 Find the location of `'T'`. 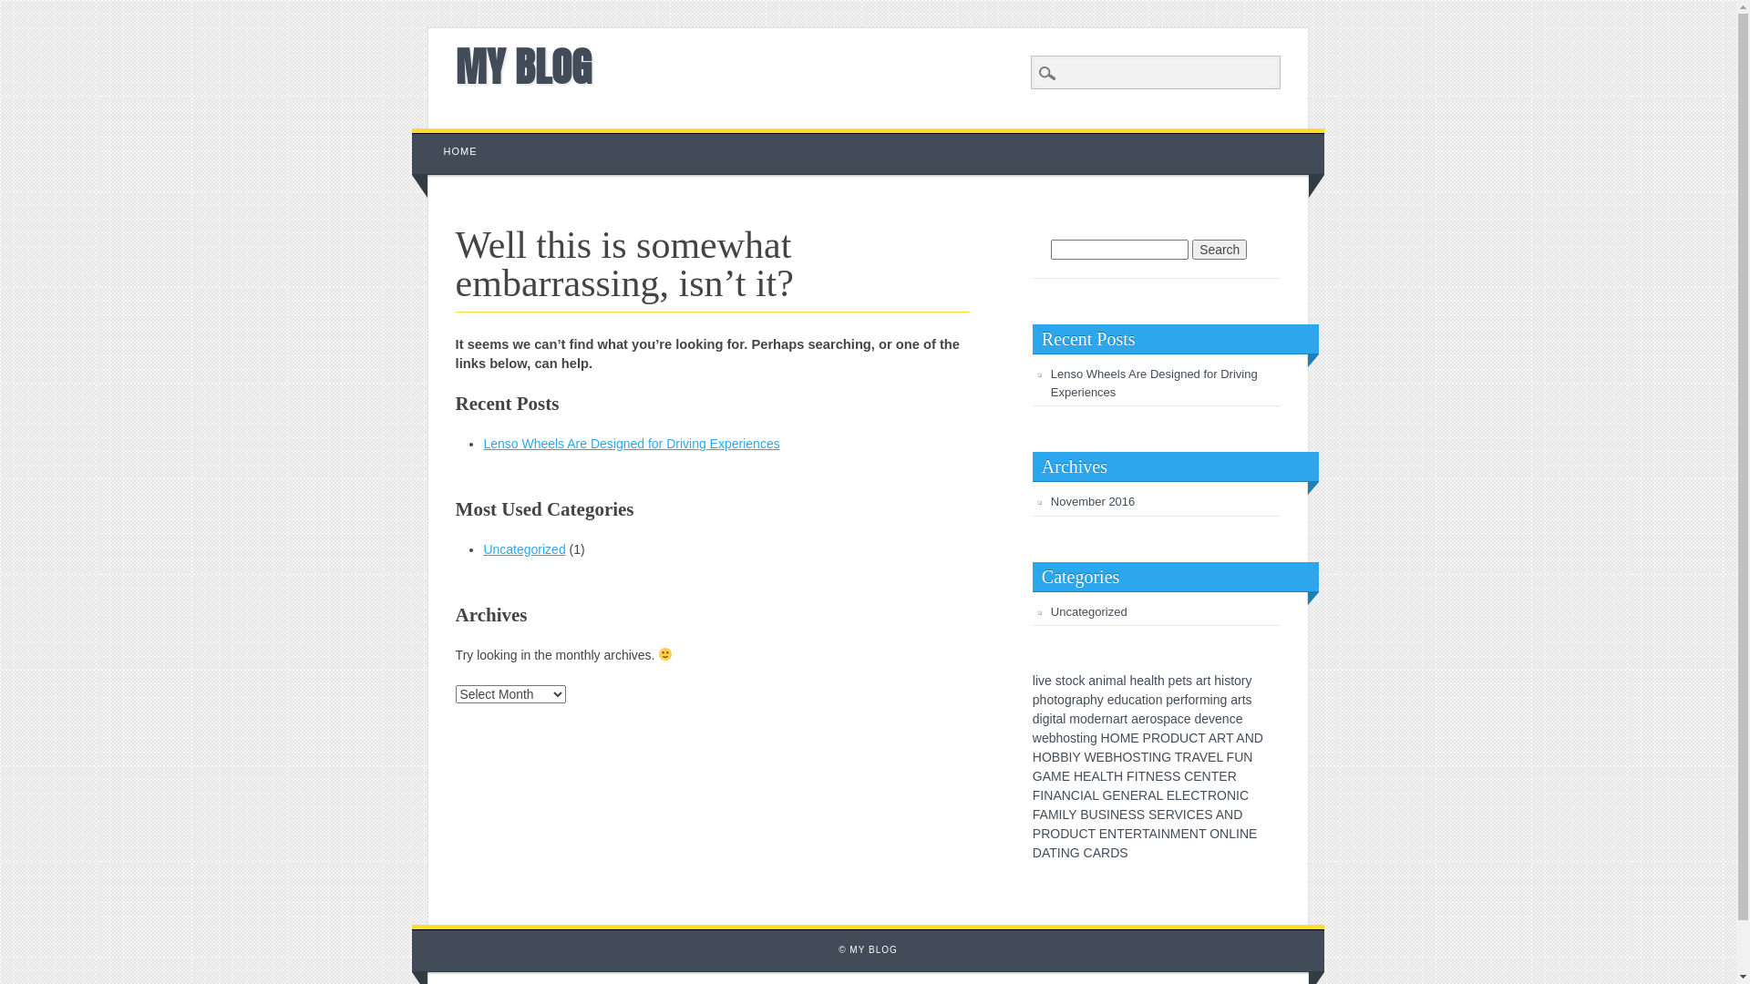

'T' is located at coordinates (1215, 776).